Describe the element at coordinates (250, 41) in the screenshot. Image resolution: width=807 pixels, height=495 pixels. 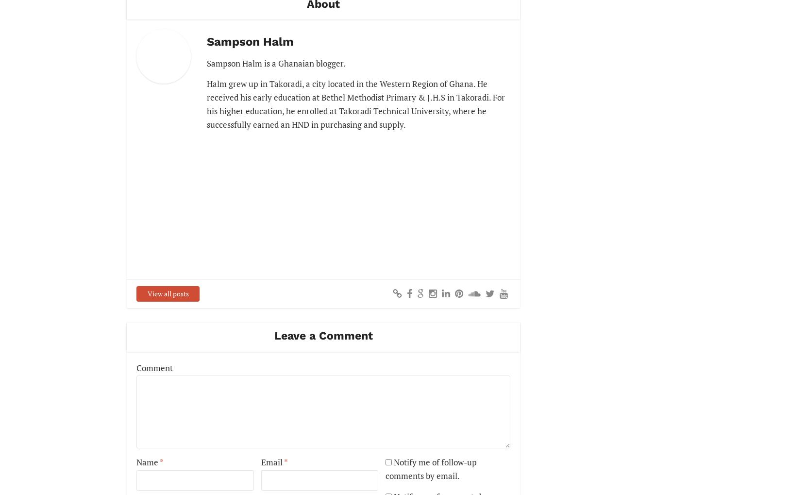
I see `'Sampson Halm'` at that location.